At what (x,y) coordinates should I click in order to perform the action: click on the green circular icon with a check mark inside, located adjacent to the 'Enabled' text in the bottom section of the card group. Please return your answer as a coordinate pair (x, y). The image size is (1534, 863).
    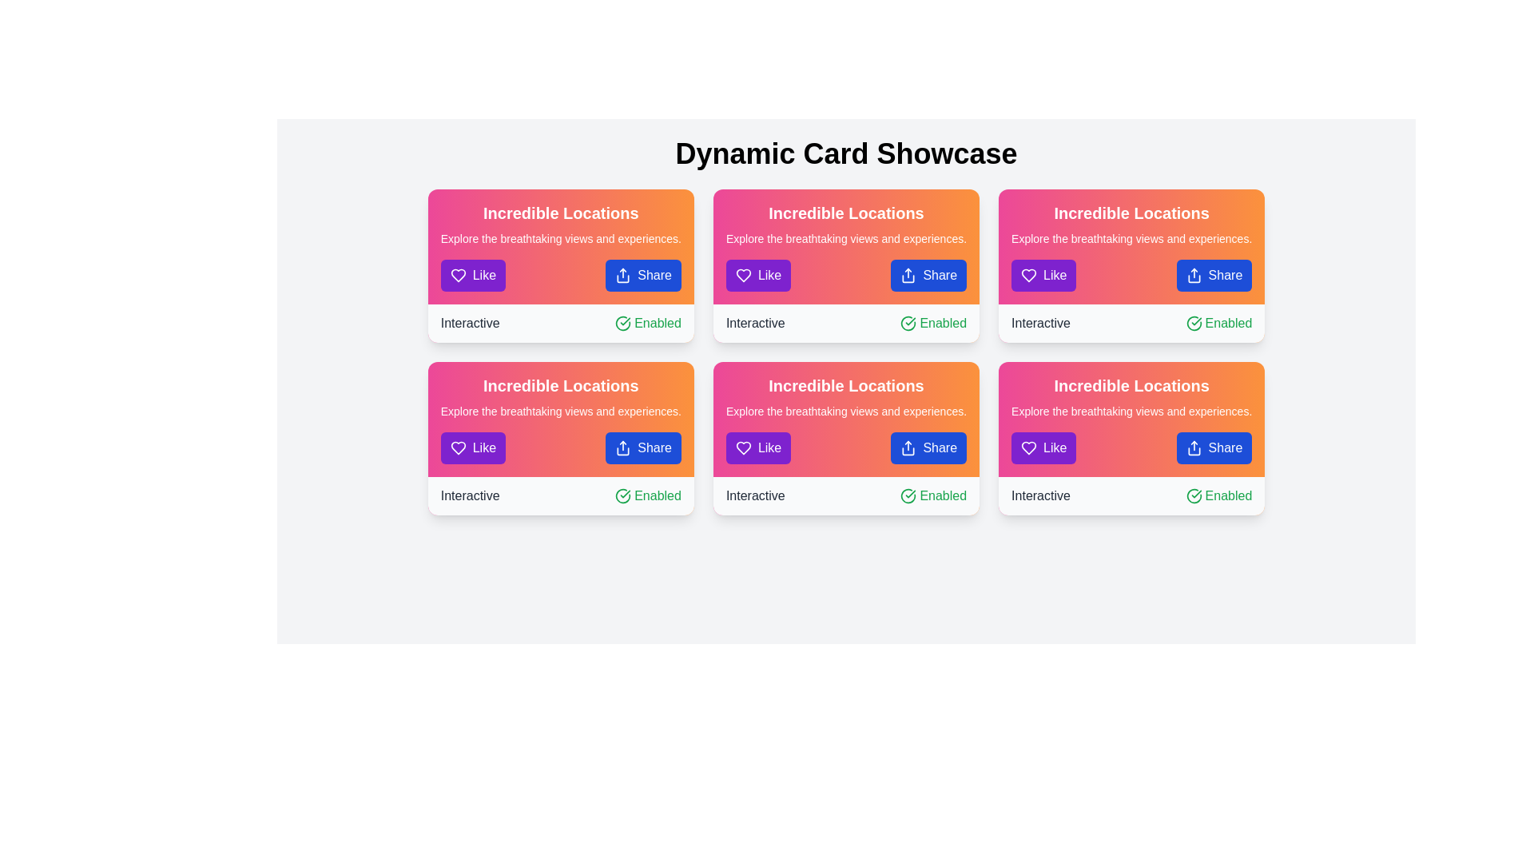
    Looking at the image, I should click on (622, 324).